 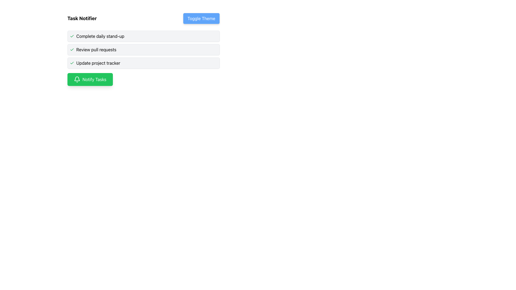 What do you see at coordinates (90, 79) in the screenshot?
I see `the notification button located at the bottom of the list, beneath the previous review buttons` at bounding box center [90, 79].